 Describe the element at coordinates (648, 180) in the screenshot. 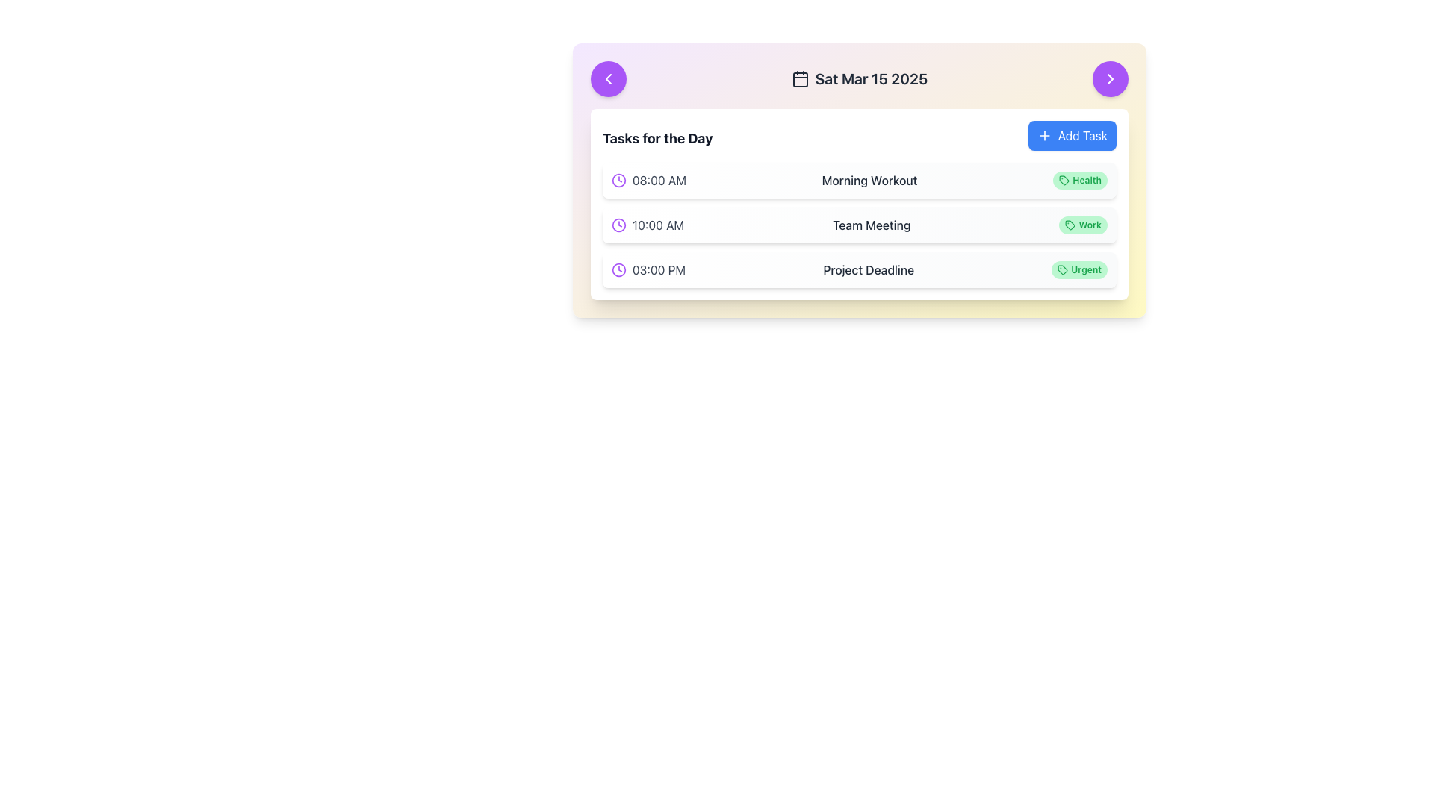

I see `time displayed on the Text Label with Icon that shows '08:00 AM' next to a purple clock icon, located at the top left corner of the 'Morning Workout' task` at that location.